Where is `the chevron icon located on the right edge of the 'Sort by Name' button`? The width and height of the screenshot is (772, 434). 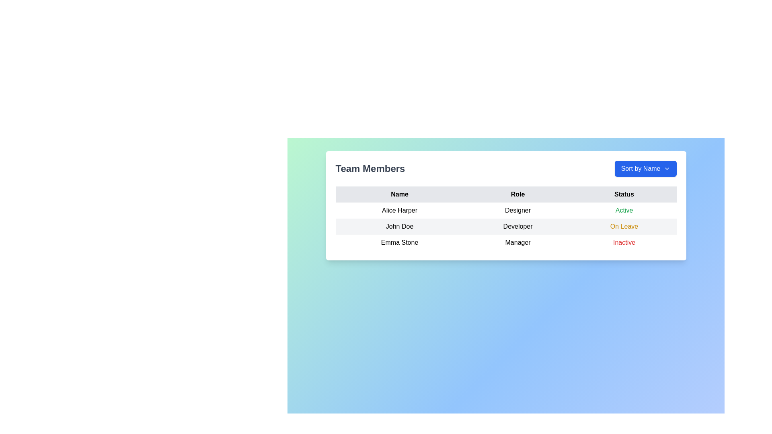
the chevron icon located on the right edge of the 'Sort by Name' button is located at coordinates (667, 168).